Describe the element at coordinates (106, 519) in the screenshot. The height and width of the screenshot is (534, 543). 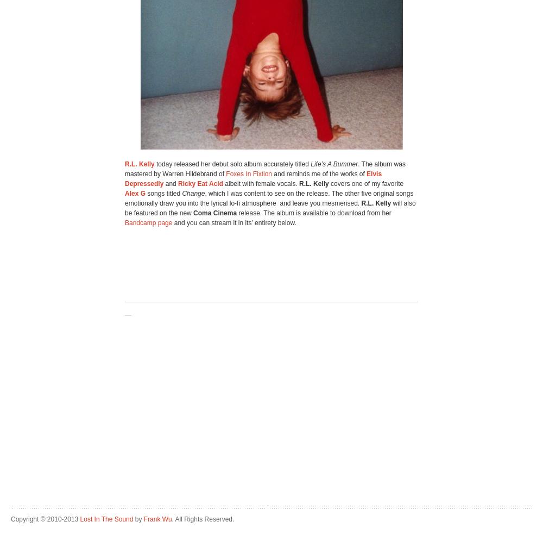
I see `'Lost In The Sound'` at that location.